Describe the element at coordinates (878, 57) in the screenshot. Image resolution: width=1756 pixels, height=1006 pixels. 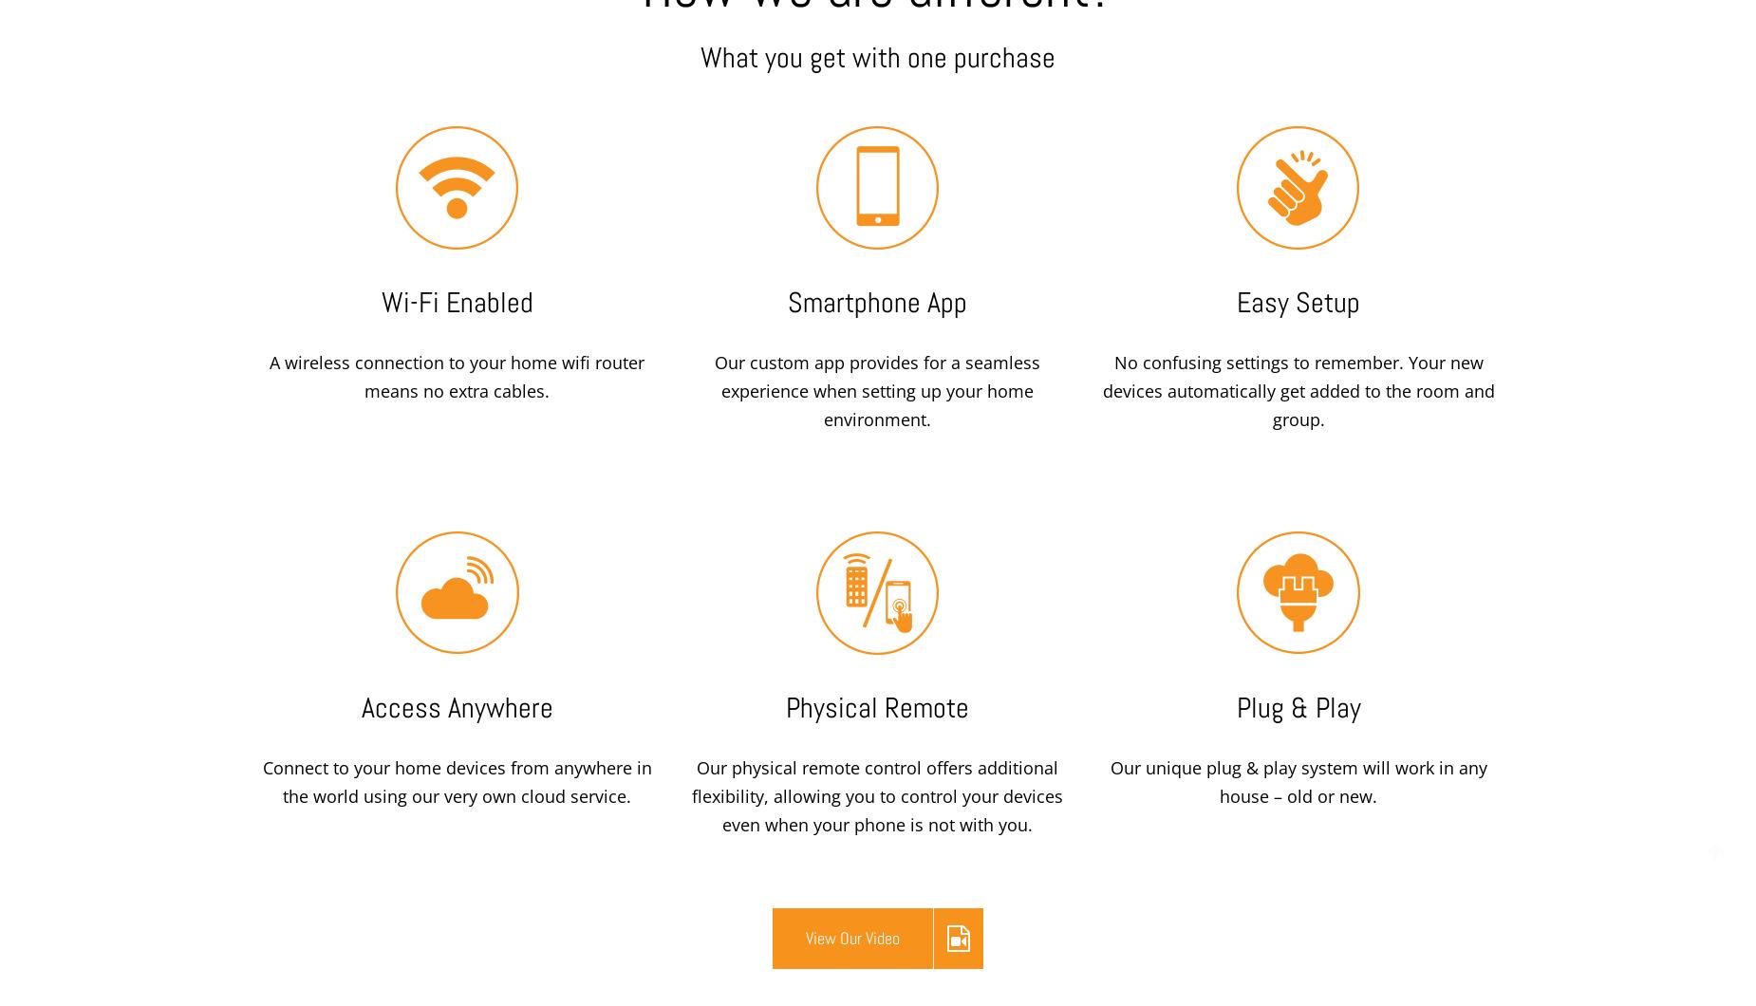
I see `'What you get with one purchase'` at that location.